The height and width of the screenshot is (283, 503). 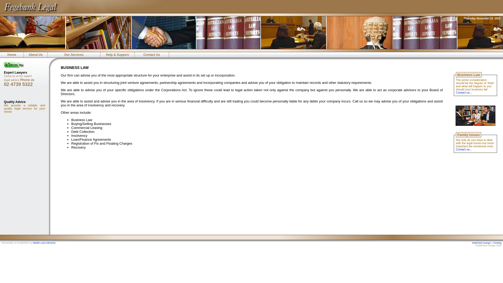 What do you see at coordinates (497, 243) in the screenshot?
I see `'Hosting'` at bounding box center [497, 243].